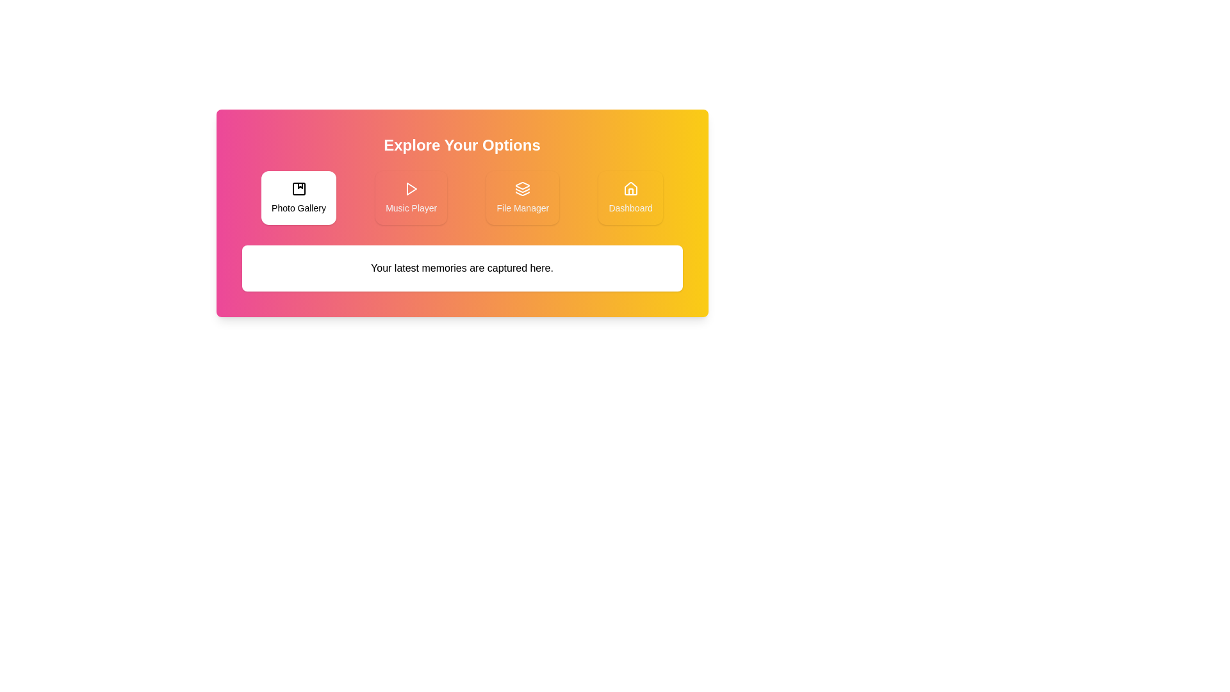  Describe the element at coordinates (630, 207) in the screenshot. I see `text label that indicates the dashboard feature, located centrally below the icon in the fourth option of the interactive options row` at that location.